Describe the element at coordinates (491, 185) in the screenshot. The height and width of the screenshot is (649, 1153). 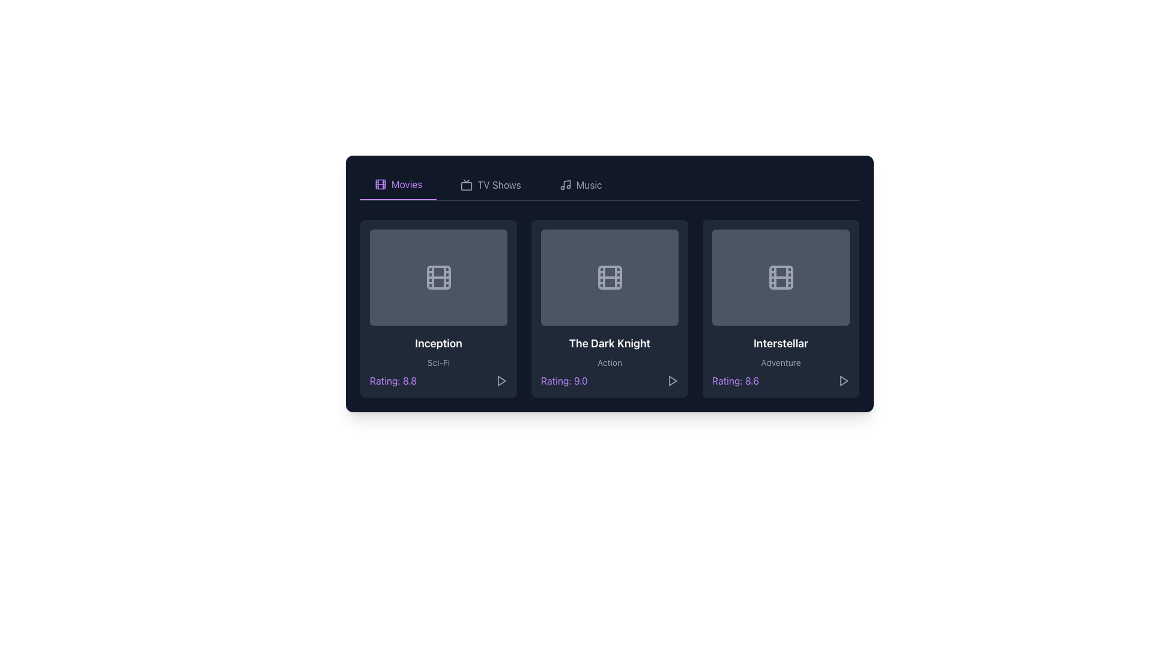
I see `the 'TV Shows' navigation tab, which is the second item in the horizontal navigation bar, to switch the view to 'TV Shows'` at that location.